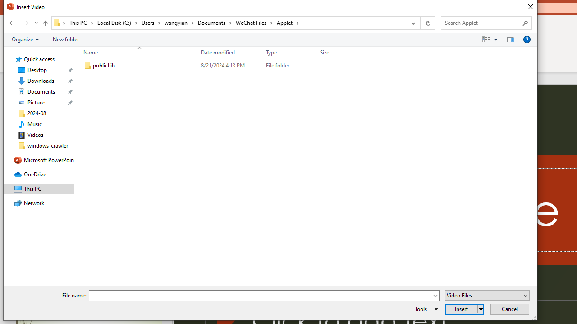 Image resolution: width=577 pixels, height=324 pixels. Describe the element at coordinates (23, 22) in the screenshot. I see `'Navigation buttons'` at that location.